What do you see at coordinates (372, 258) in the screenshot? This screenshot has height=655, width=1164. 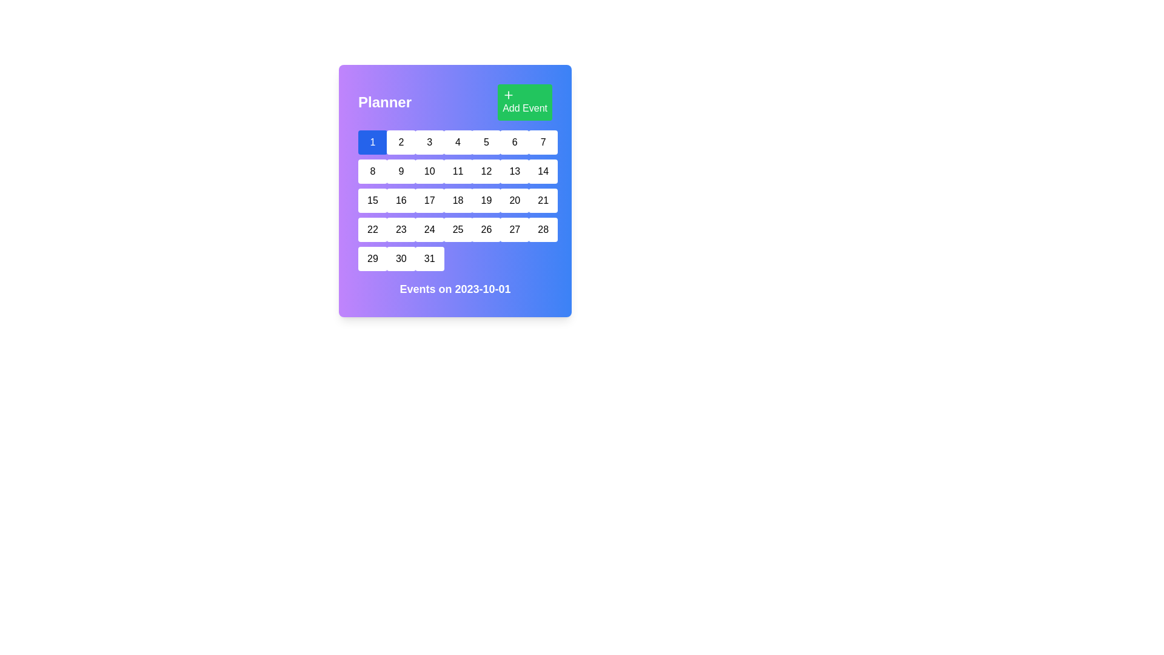 I see `the rectangular button with rounded corners displaying '29' in the calendar interface` at bounding box center [372, 258].